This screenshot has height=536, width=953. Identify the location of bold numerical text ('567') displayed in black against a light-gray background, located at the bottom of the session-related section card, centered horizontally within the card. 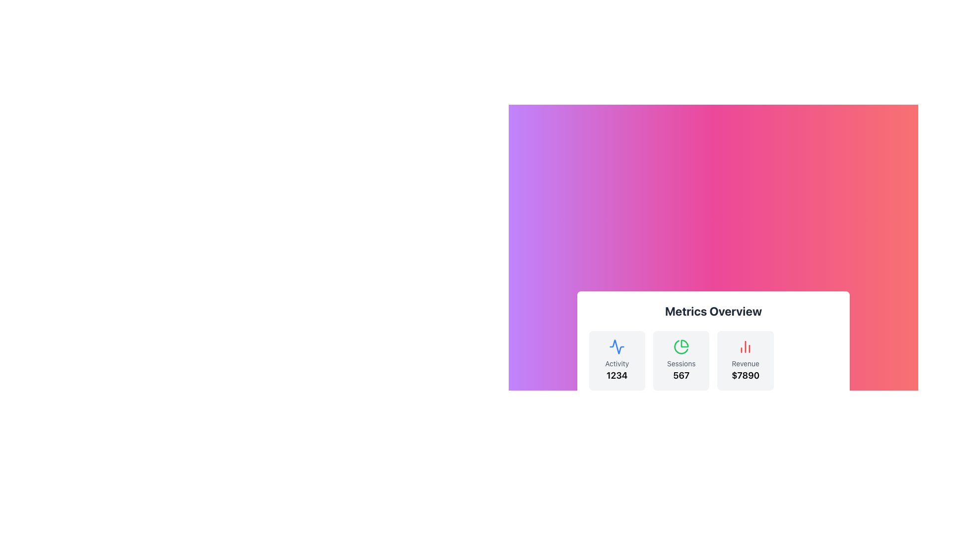
(681, 375).